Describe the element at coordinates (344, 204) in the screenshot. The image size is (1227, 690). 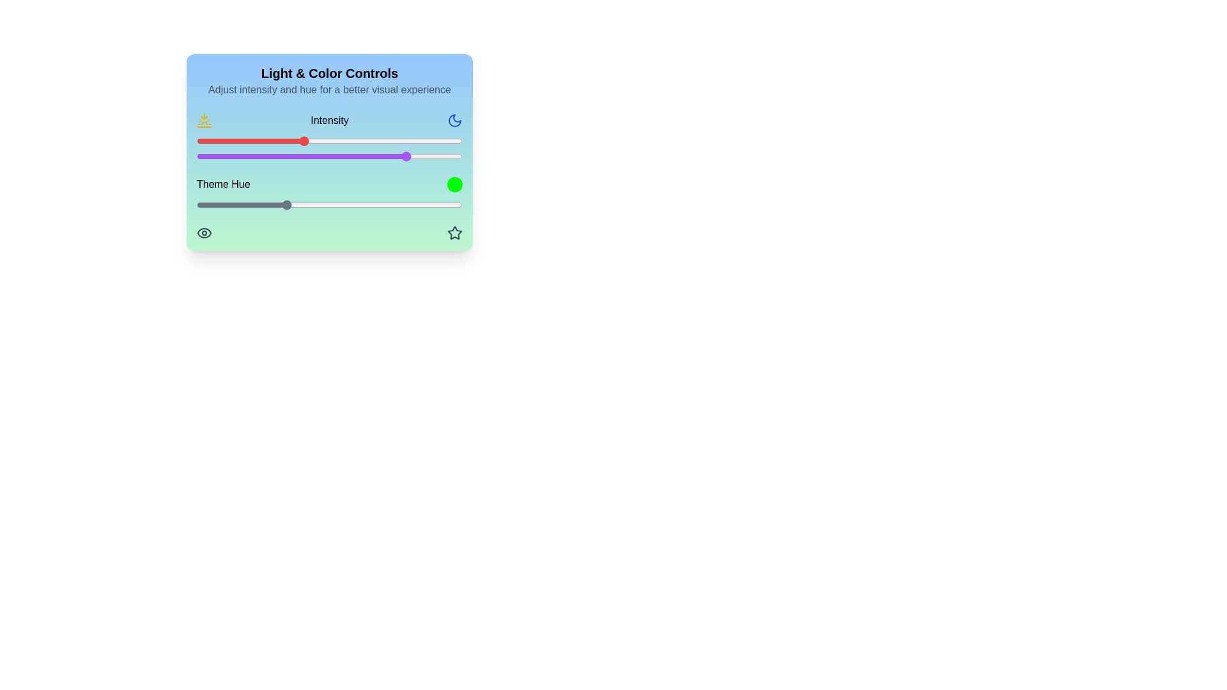
I see `the theme hue` at that location.